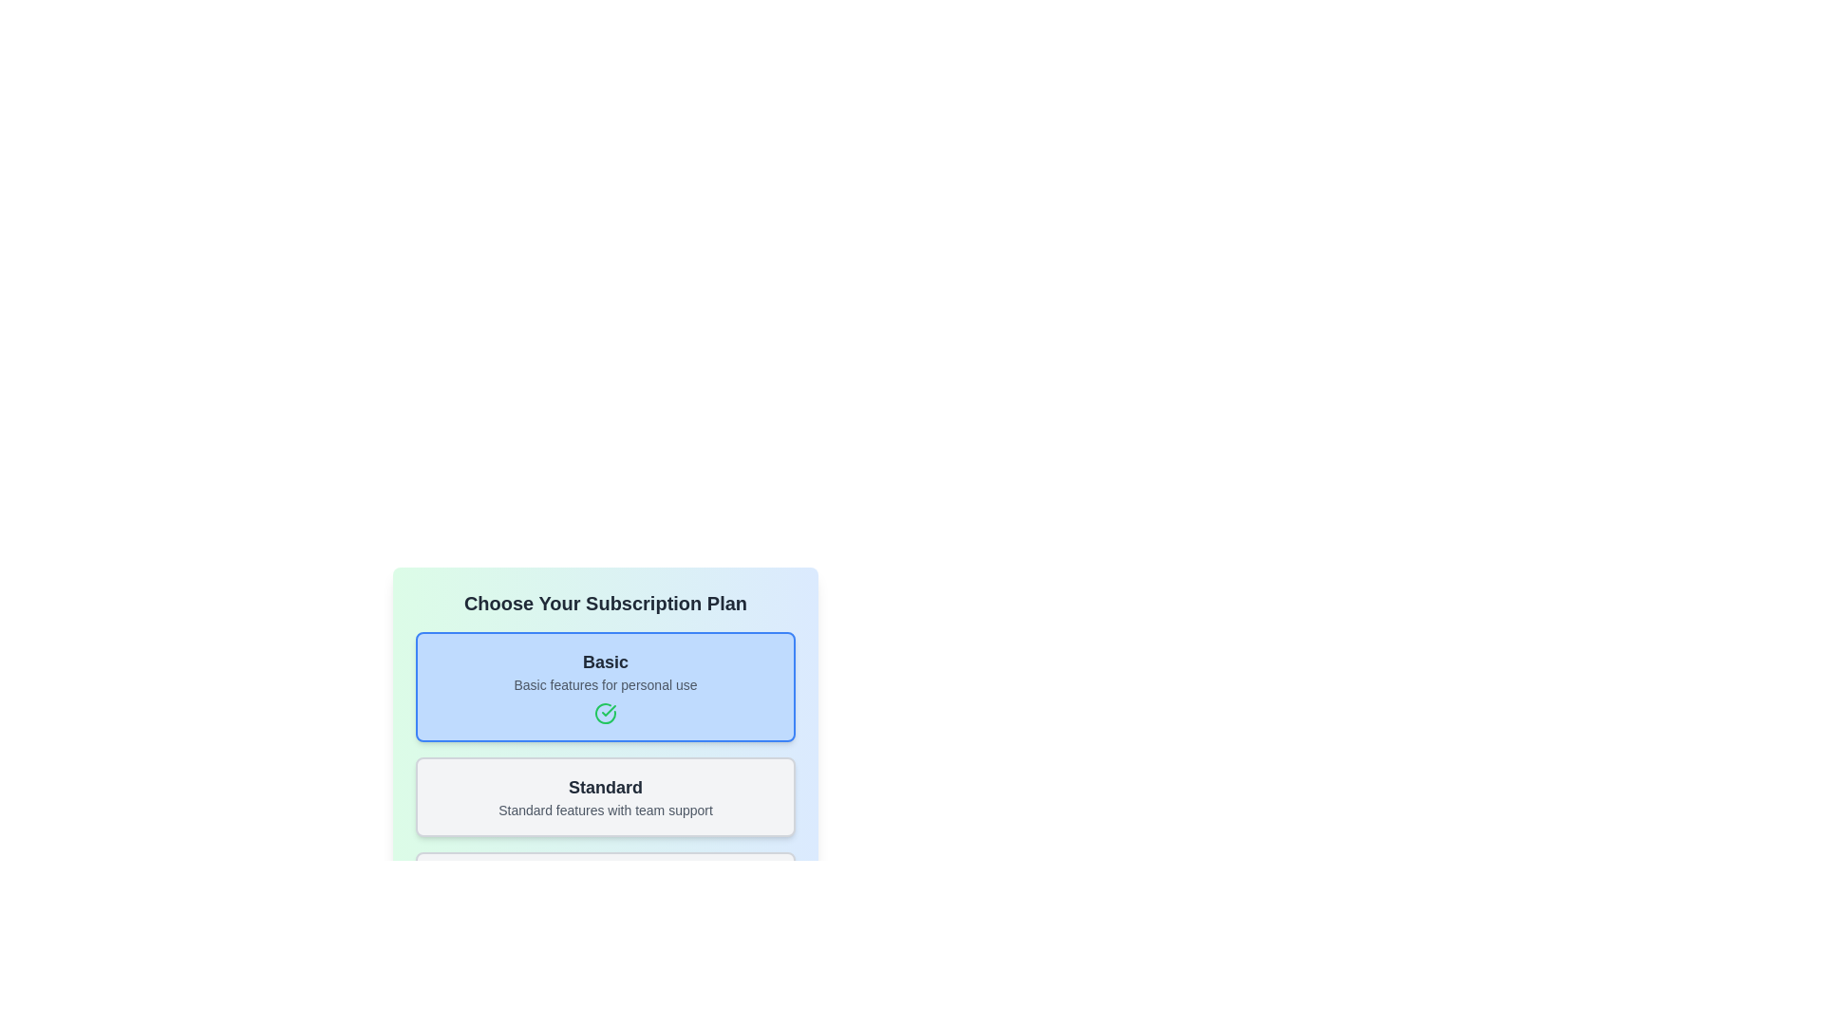 The height and width of the screenshot is (1025, 1823). What do you see at coordinates (605, 797) in the screenshot?
I see `the subscription plan Standard by clicking on its card` at bounding box center [605, 797].